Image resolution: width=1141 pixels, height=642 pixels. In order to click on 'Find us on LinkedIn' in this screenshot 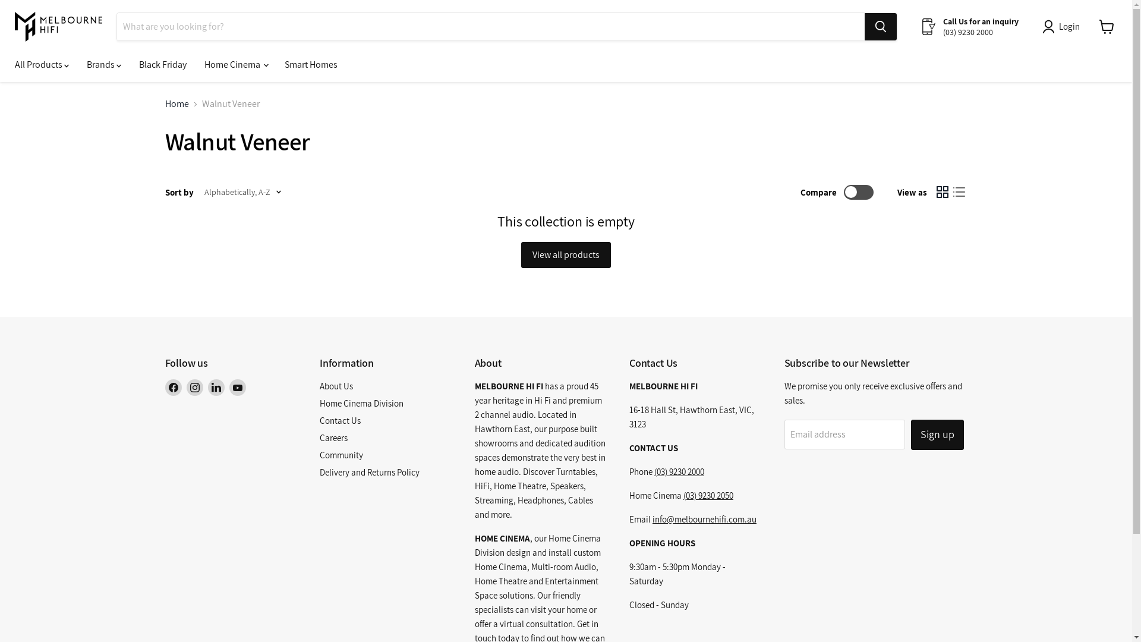, I will do `click(216, 387)`.